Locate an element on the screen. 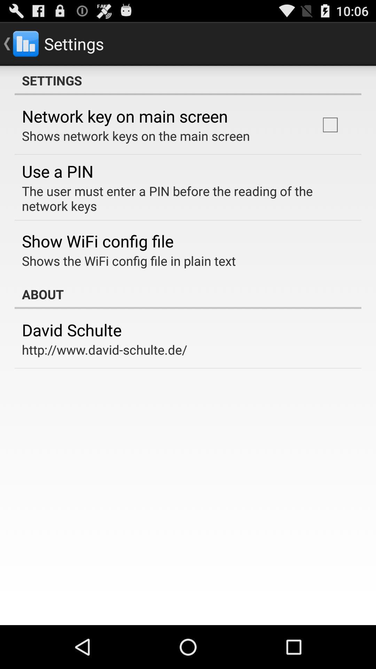 The height and width of the screenshot is (669, 376). icon to the right of the shows network keys item is located at coordinates (330, 125).